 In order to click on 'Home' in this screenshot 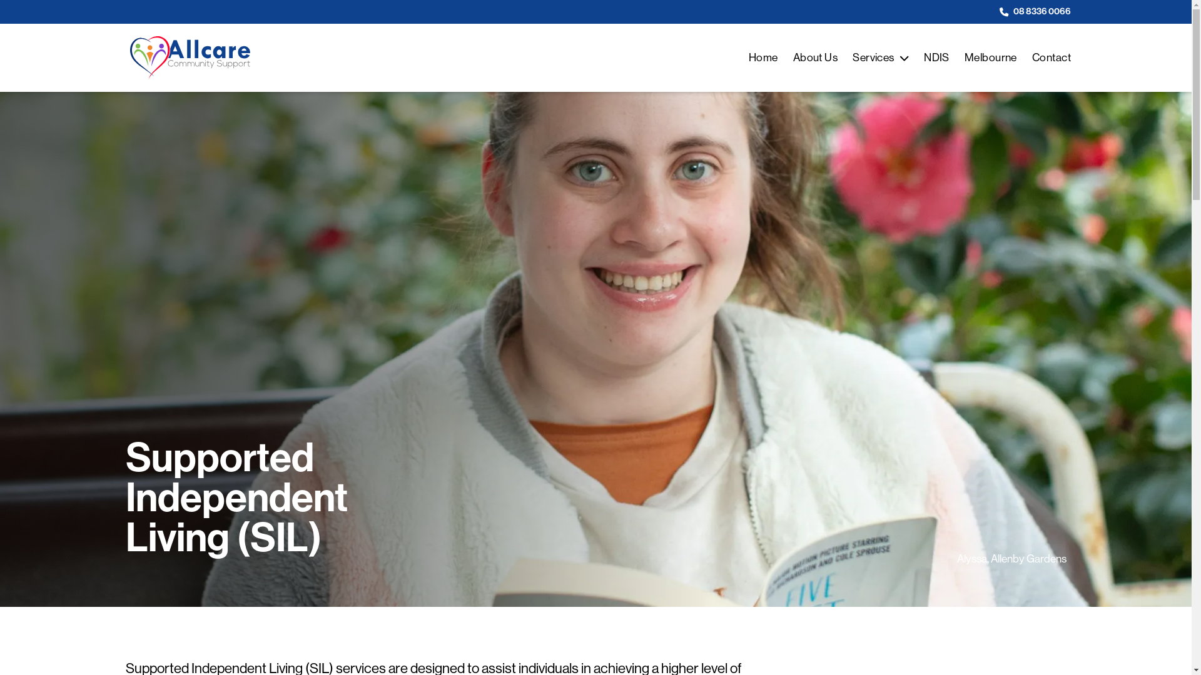, I will do `click(763, 57)`.